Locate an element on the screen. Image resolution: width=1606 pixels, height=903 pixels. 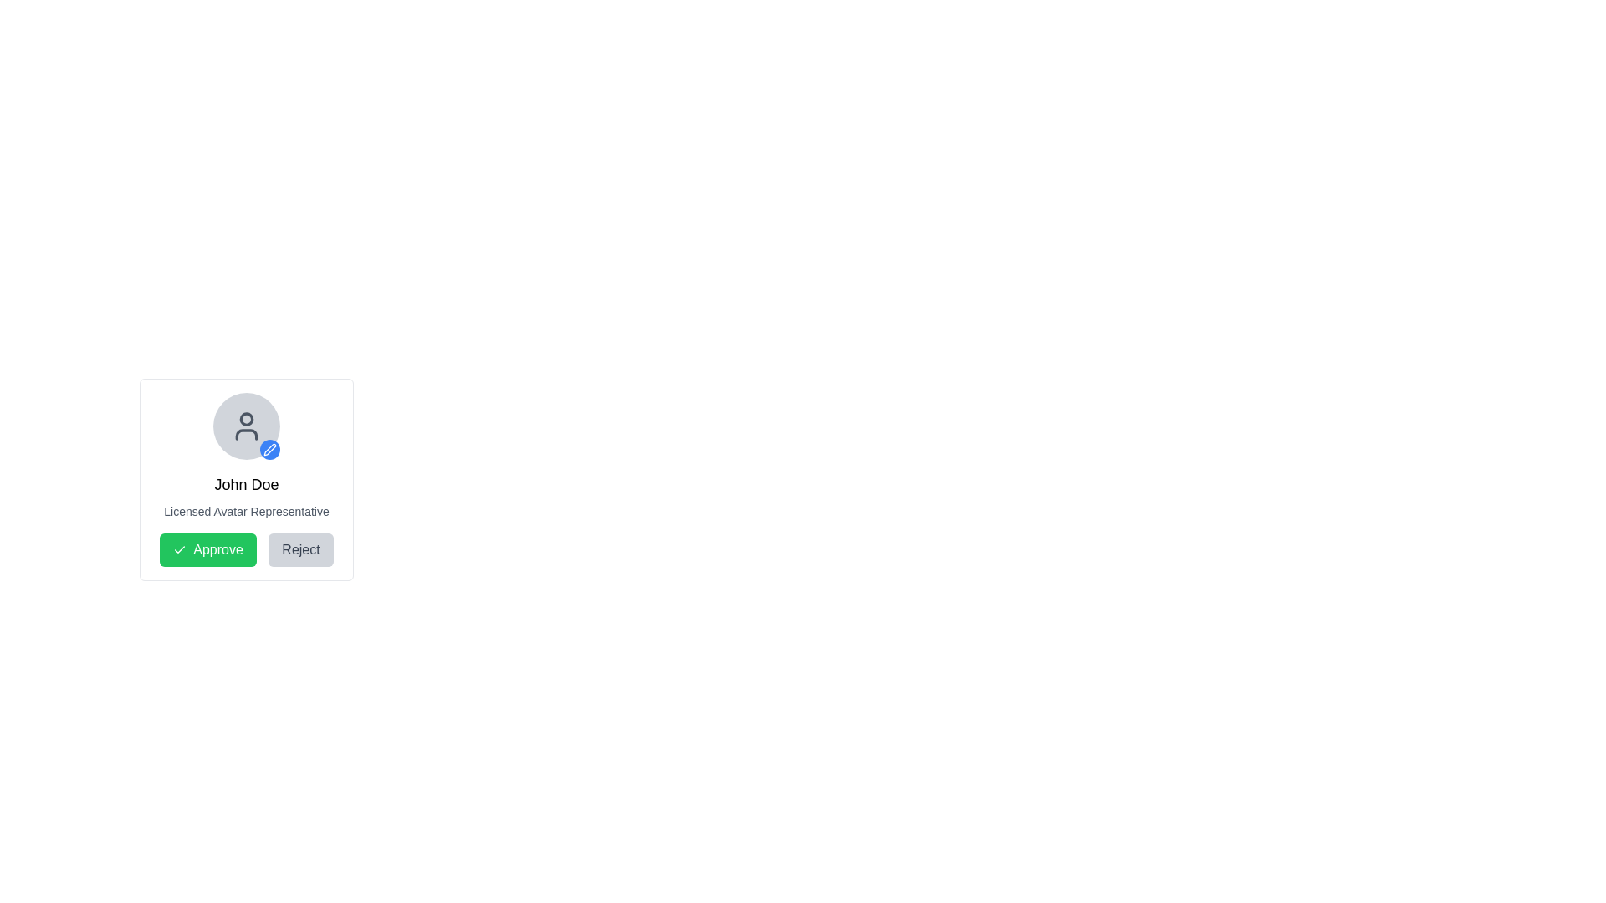
the 'Edit' button, which is a circular clickable button with a blue background located in the bottom-right corner of the avatar image in the card component is located at coordinates (269, 448).